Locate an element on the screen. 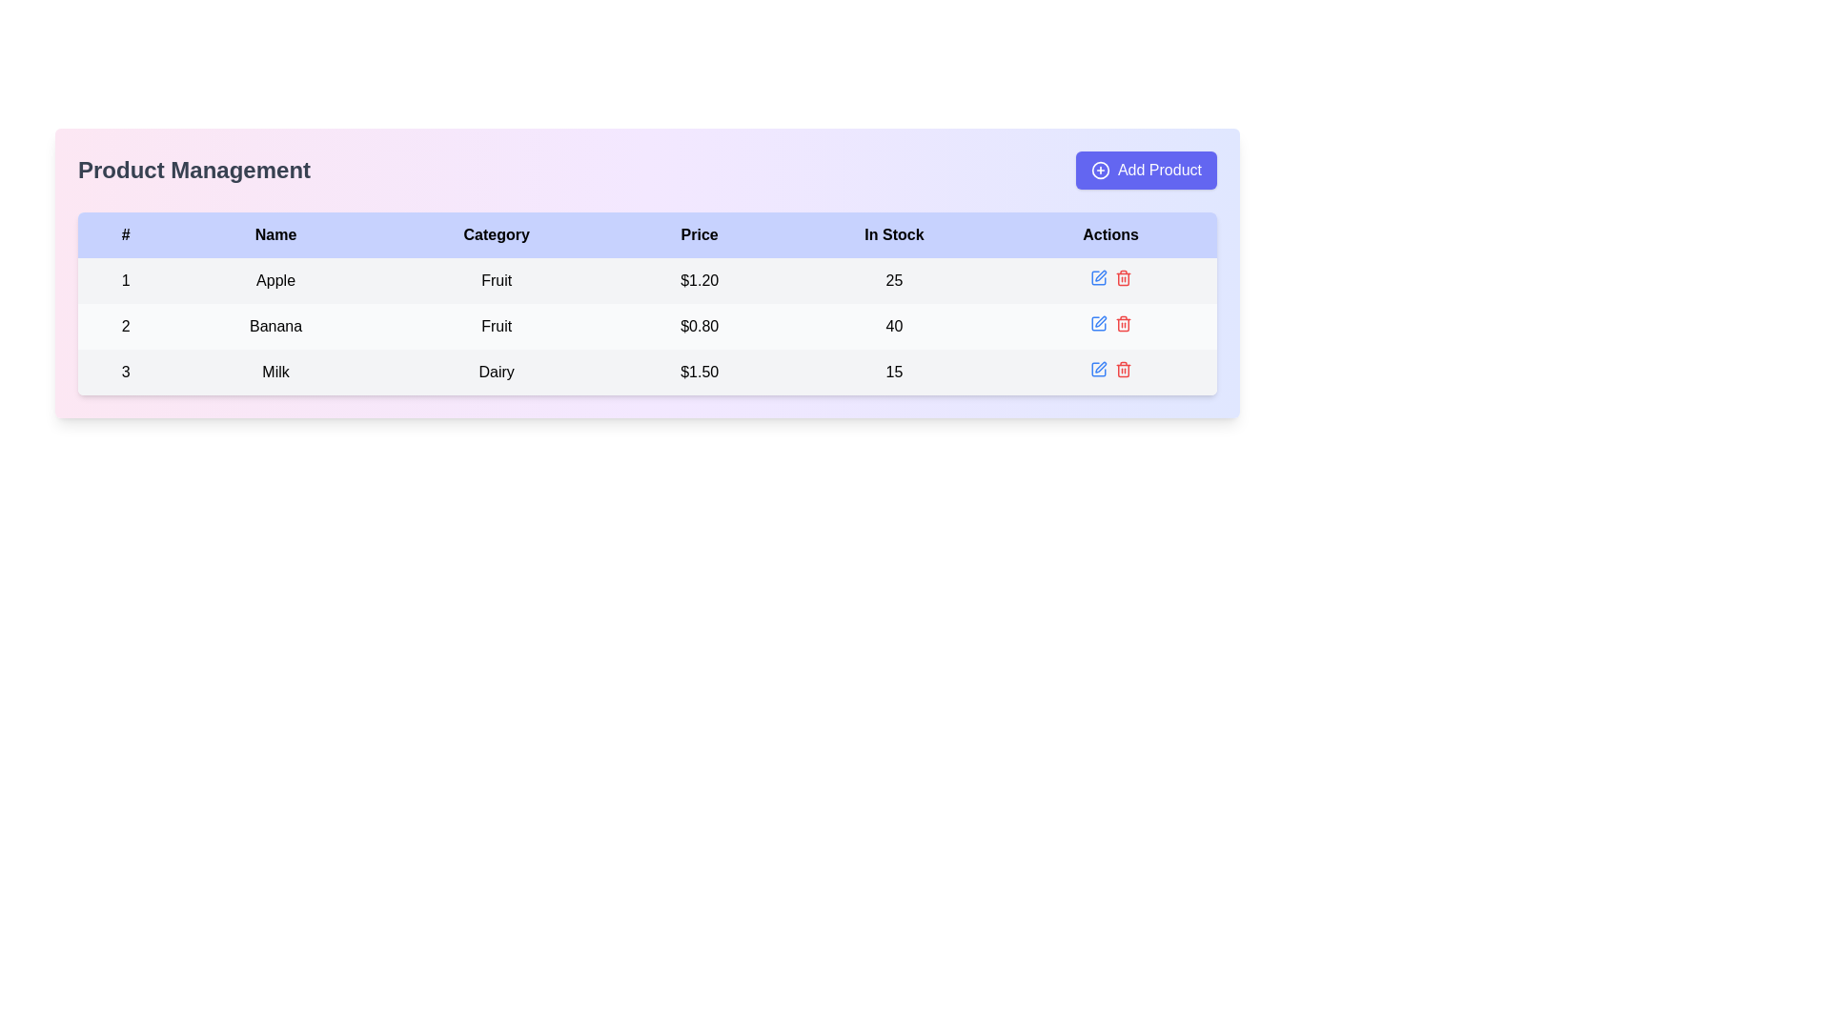 This screenshot has height=1029, width=1830. the trash bin icon located in the Actions column of the third row of the table is located at coordinates (1123, 279).